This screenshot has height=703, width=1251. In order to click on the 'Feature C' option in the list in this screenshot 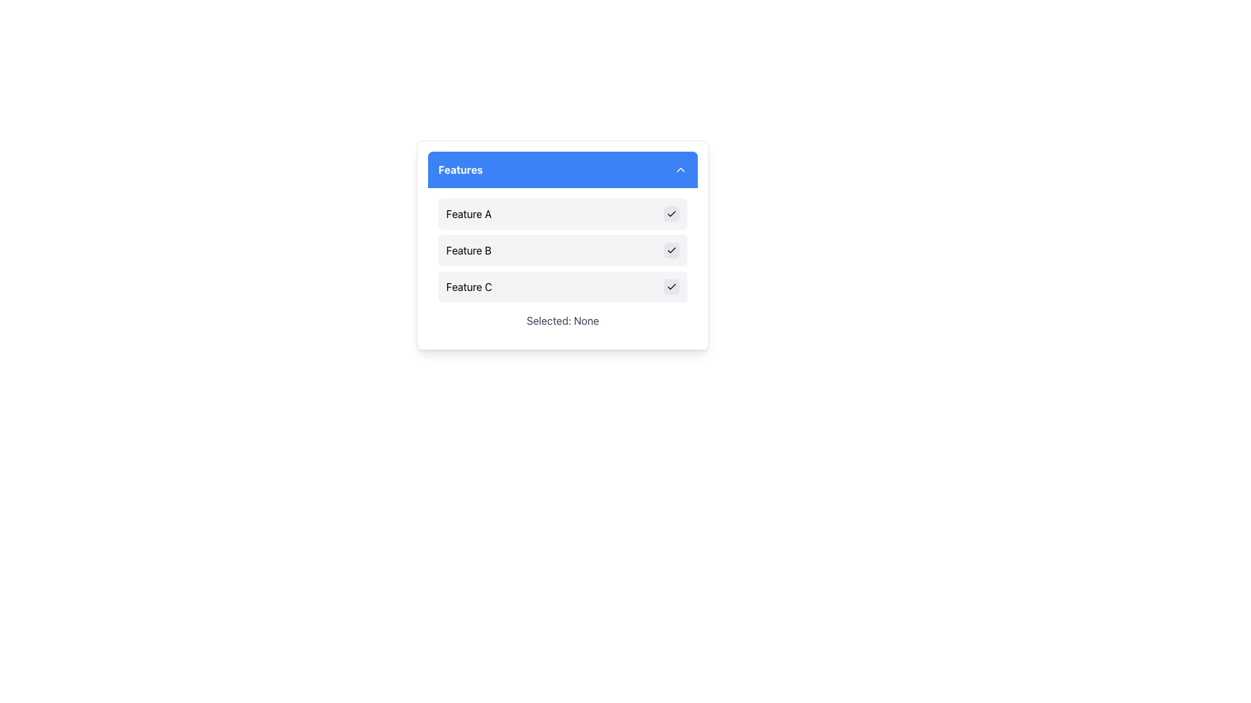, I will do `click(563, 286)`.